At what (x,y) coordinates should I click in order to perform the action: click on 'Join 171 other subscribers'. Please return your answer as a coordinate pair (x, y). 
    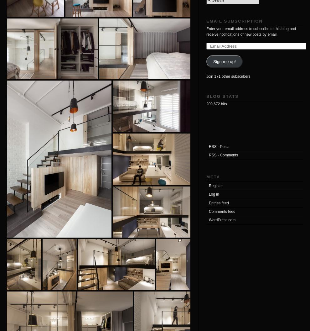
    Looking at the image, I should click on (228, 76).